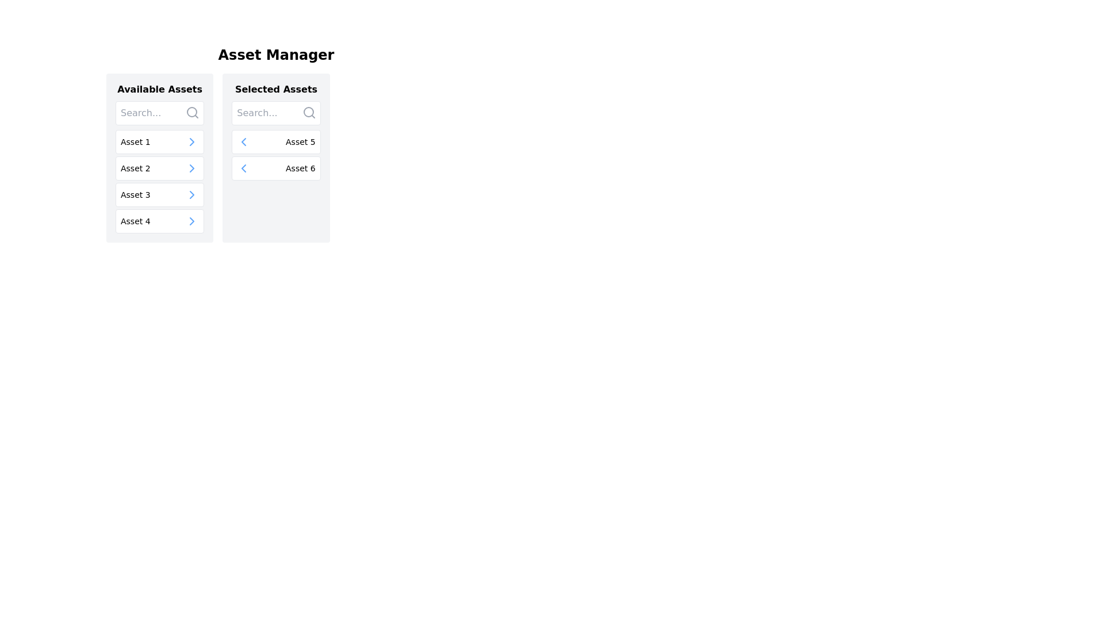  What do you see at coordinates (308, 112) in the screenshot?
I see `the circular part of the search icon located on the right side of the 'Selected Assets' search bar within the upper section of the 'Selected Assets' panel` at bounding box center [308, 112].